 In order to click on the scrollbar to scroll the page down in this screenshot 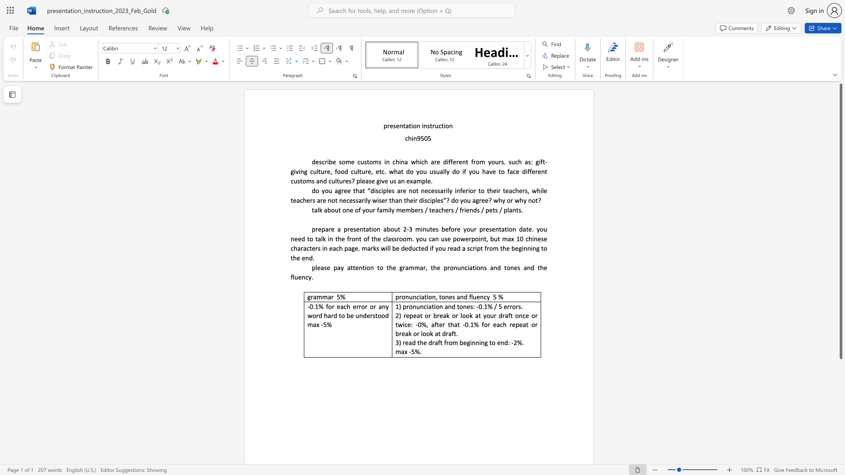, I will do `click(840, 400)`.